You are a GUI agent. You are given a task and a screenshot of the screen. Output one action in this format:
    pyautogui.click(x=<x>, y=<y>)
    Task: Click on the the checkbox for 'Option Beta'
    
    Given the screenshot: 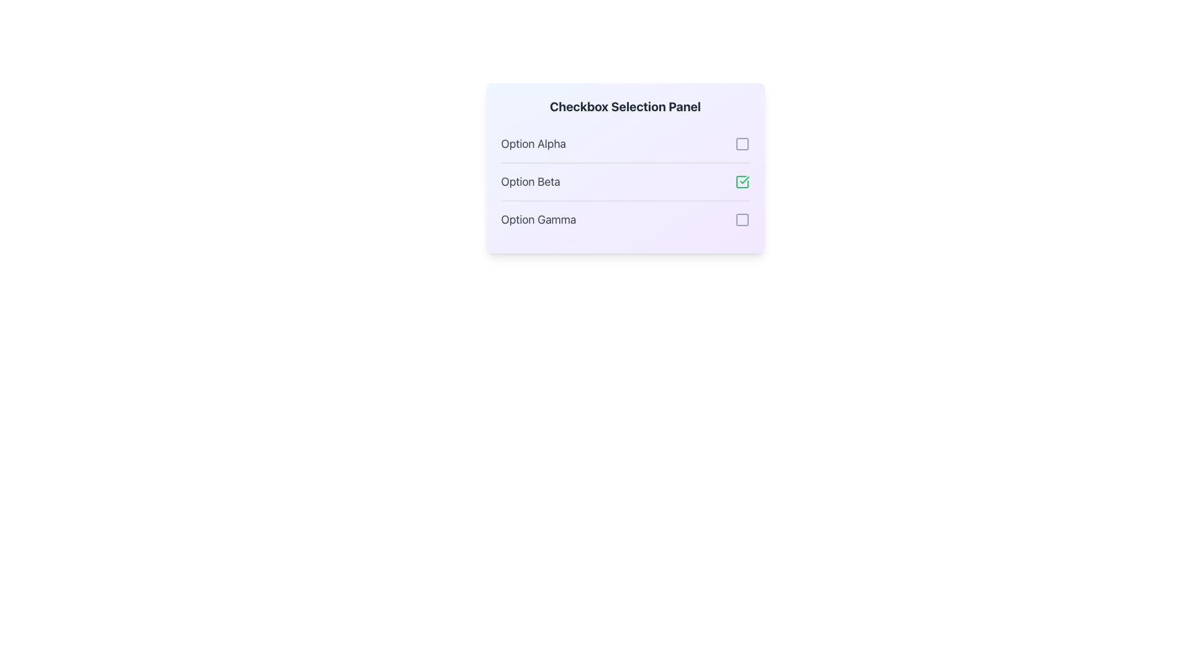 What is the action you would take?
    pyautogui.click(x=625, y=182)
    